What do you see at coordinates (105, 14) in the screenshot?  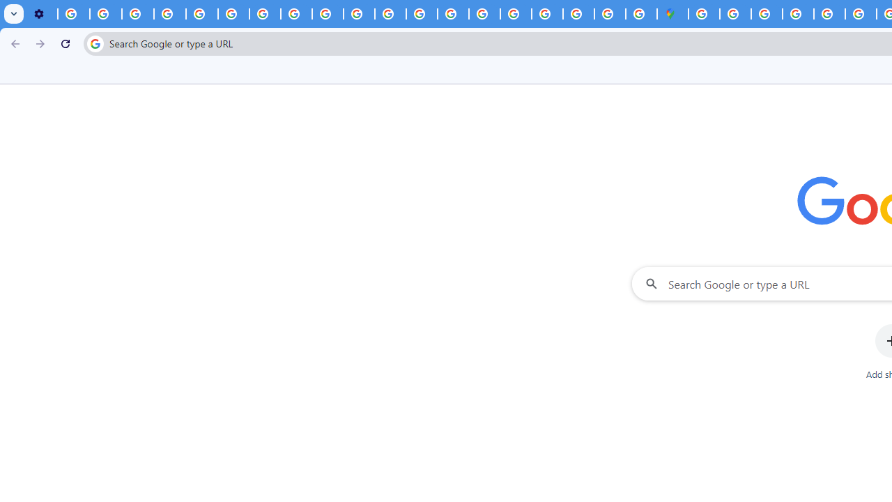 I see `'Learn how to find your photos - Google Photos Help'` at bounding box center [105, 14].